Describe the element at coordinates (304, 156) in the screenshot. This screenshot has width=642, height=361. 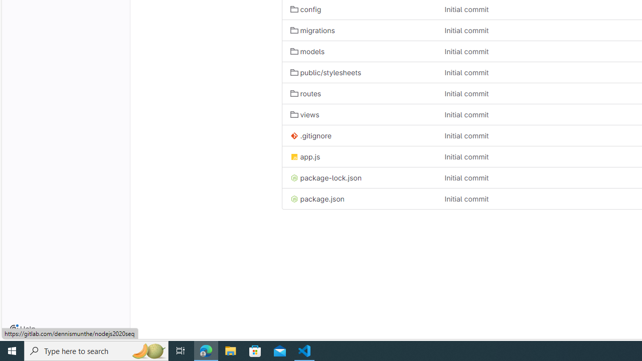
I see `'app.js'` at that location.